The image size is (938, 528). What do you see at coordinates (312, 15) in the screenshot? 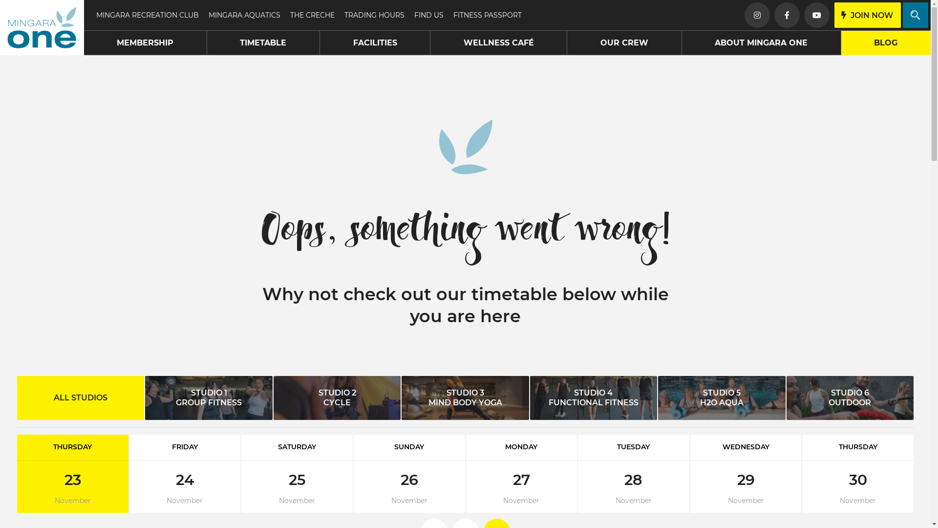
I see `'THE CRECHE'` at bounding box center [312, 15].